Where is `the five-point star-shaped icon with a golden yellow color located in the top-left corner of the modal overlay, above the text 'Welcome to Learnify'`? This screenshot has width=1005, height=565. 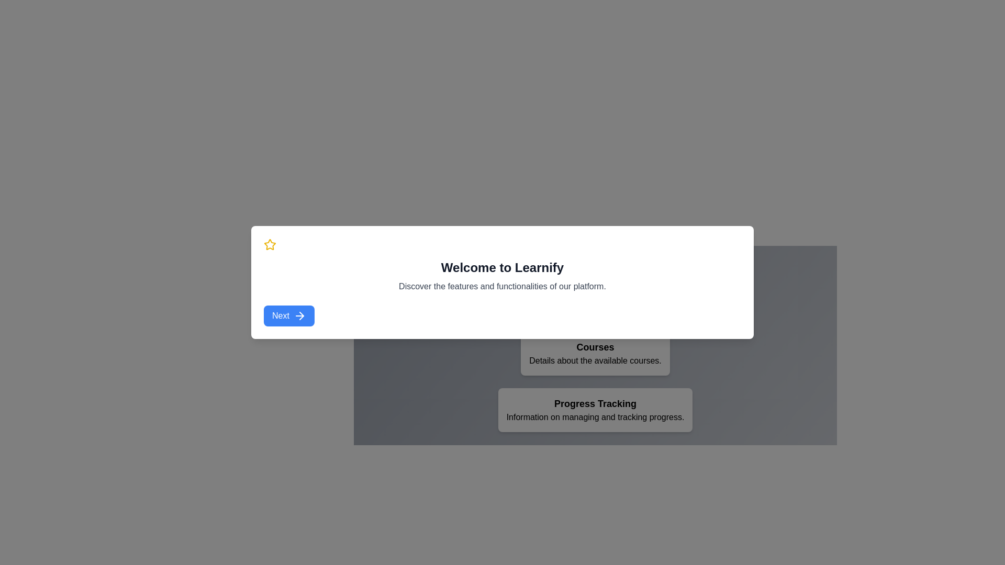 the five-point star-shaped icon with a golden yellow color located in the top-left corner of the modal overlay, above the text 'Welcome to Learnify' is located at coordinates (270, 244).